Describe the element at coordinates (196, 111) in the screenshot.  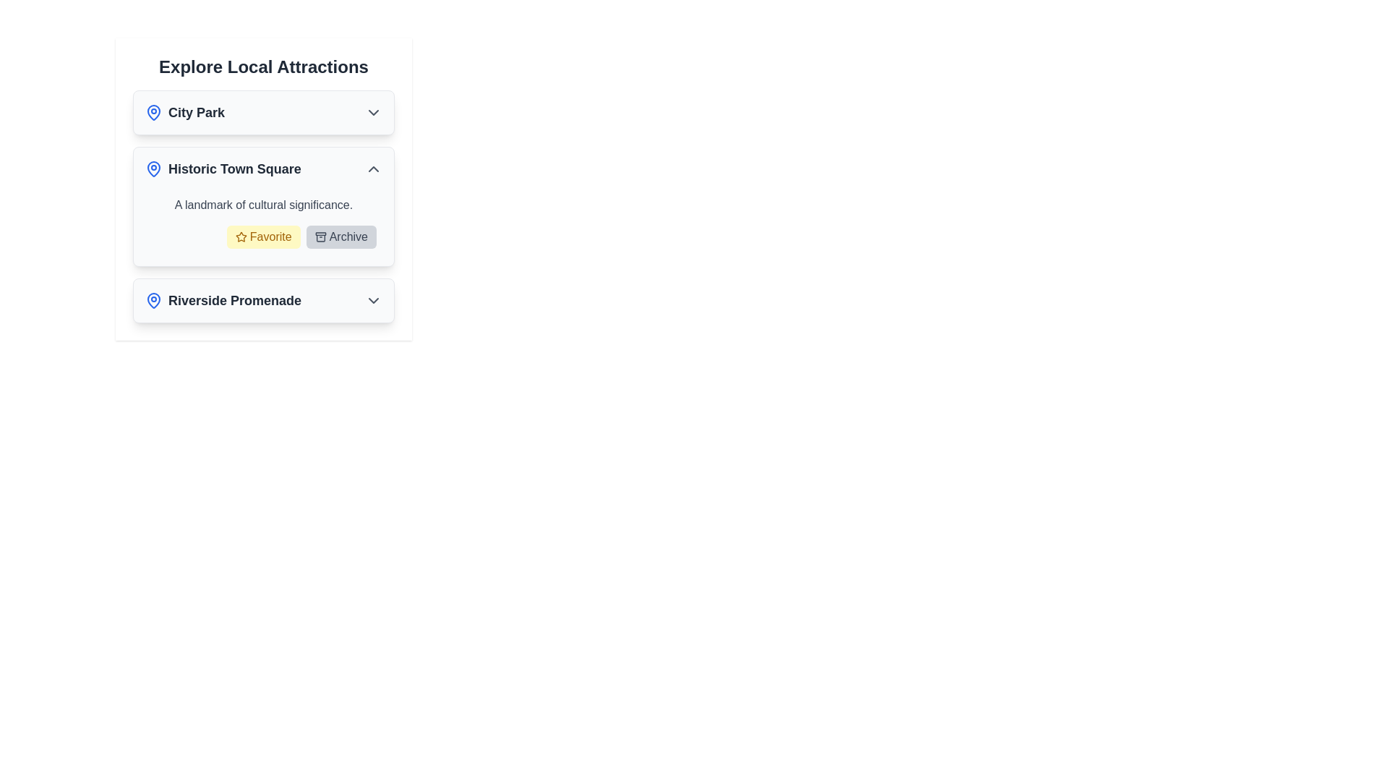
I see `the 'City Park' text label in the list of local attractions, which is the first entry under the header 'Explore Local Attractions', positioned horizontally with a blue location icon on the left and a dropdown indicator on the right` at that location.